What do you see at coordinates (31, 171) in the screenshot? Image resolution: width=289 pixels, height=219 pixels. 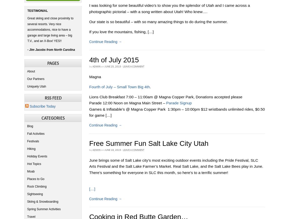 I see `'Moab'` at bounding box center [31, 171].